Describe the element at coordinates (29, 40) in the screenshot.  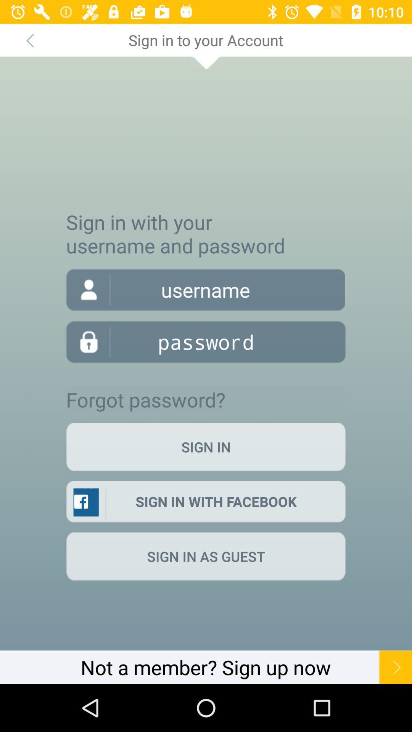
I see `go back` at that location.